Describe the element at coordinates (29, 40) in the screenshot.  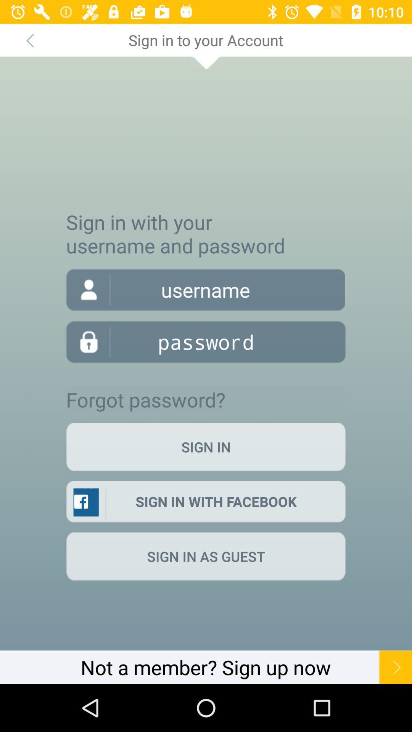
I see `go back` at that location.